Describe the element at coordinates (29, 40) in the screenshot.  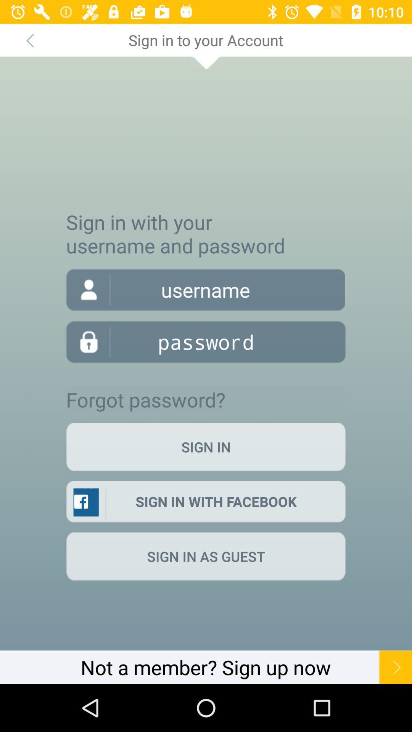
I see `go back` at that location.